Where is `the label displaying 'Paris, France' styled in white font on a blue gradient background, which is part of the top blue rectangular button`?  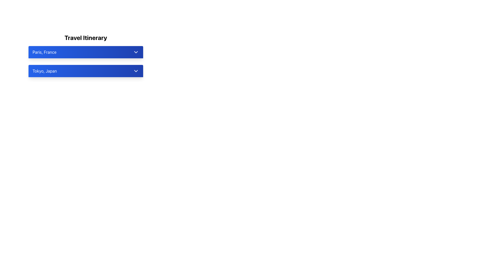 the label displaying 'Paris, France' styled in white font on a blue gradient background, which is part of the top blue rectangular button is located at coordinates (44, 52).